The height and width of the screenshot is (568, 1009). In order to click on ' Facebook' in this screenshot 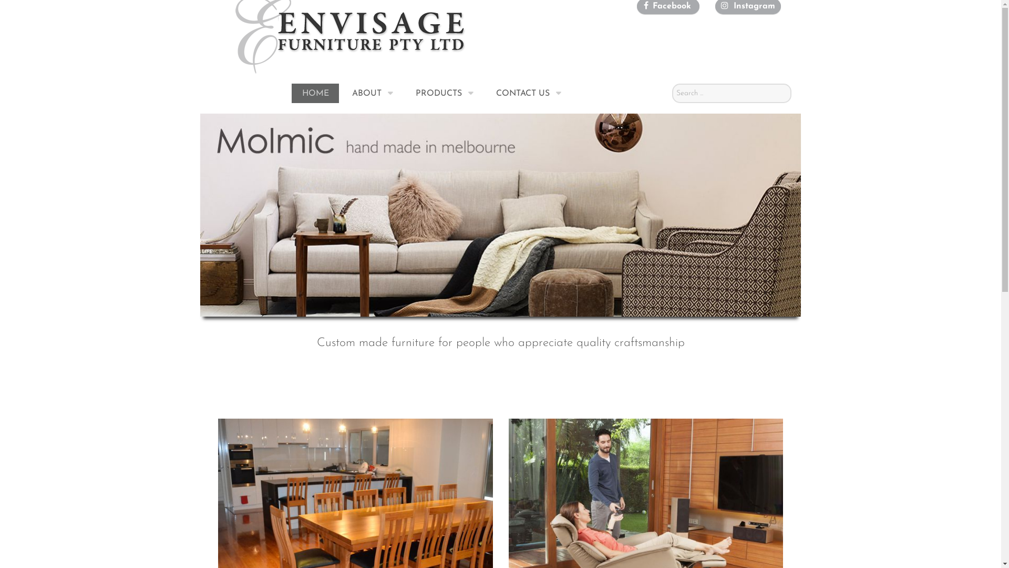, I will do `click(670, 6)`.